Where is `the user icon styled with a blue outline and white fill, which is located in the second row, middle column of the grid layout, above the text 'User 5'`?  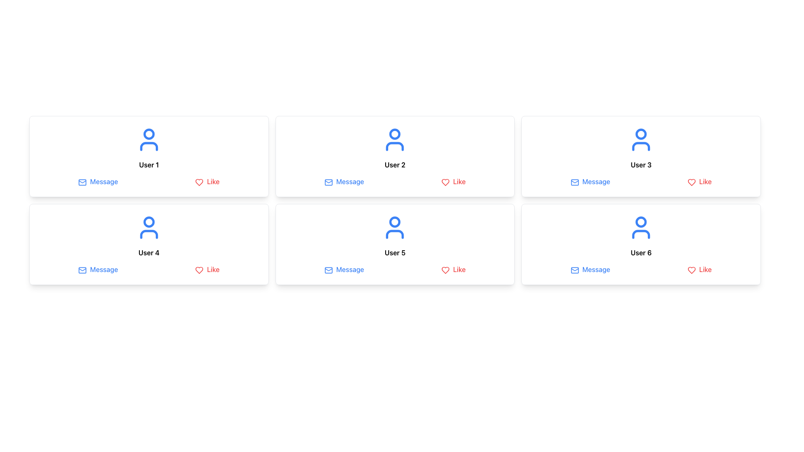
the user icon styled with a blue outline and white fill, which is located in the second row, middle column of the grid layout, above the text 'User 5' is located at coordinates (394, 227).